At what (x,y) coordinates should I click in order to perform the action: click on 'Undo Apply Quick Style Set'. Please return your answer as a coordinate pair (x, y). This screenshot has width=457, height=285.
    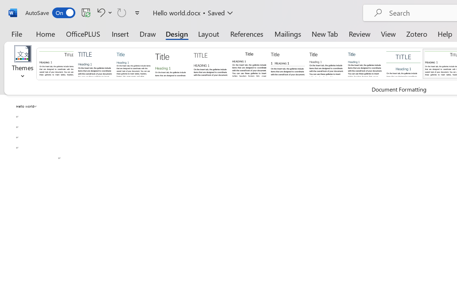
    Looking at the image, I should click on (100, 12).